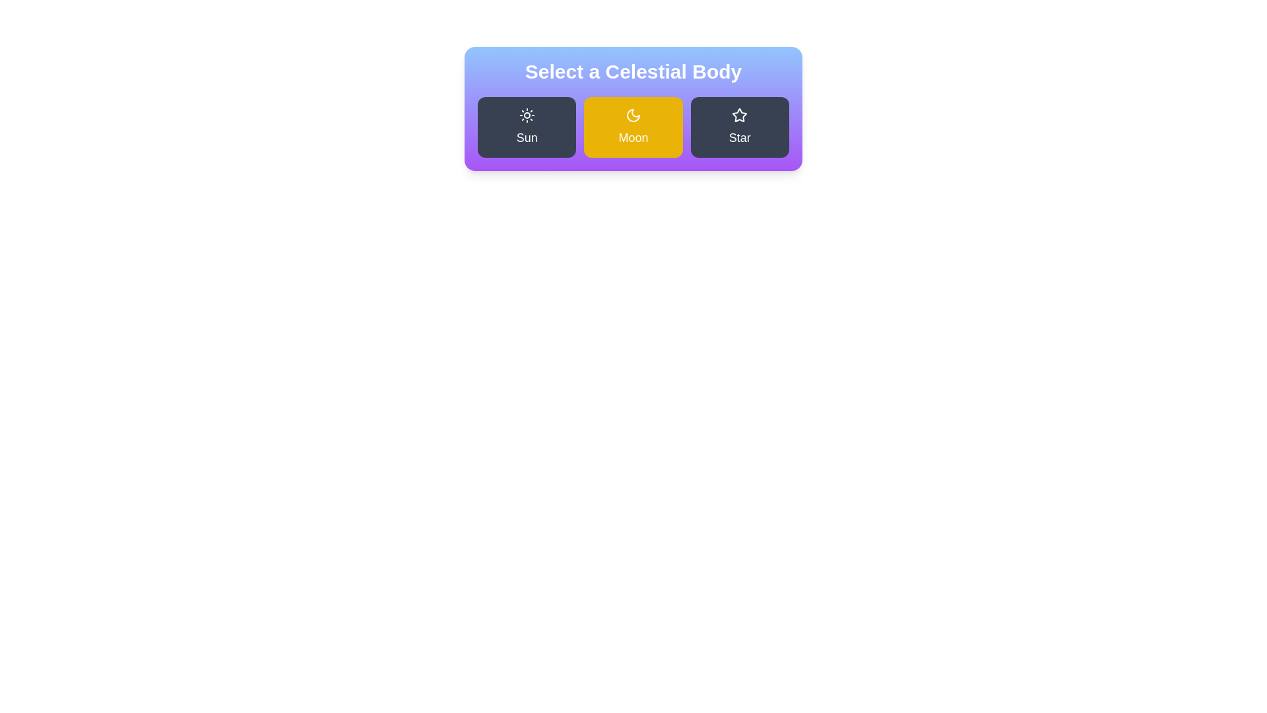  I want to click on the celestial body icon Star, so click(740, 127).